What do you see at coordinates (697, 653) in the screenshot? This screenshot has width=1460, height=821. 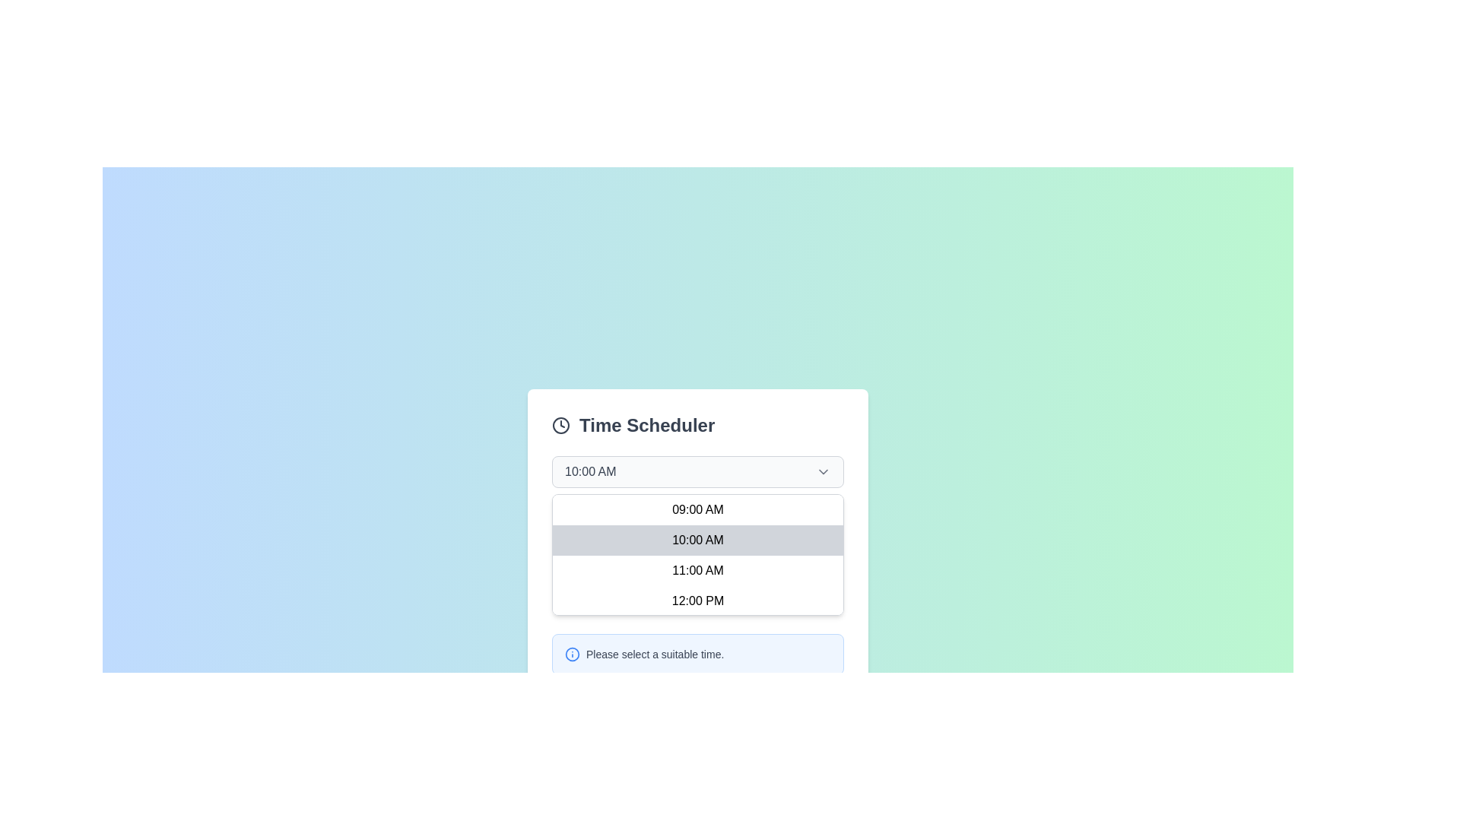 I see `the Informative text box with an icon that provides guidance for selecting time options in the 'Time Scheduler' interface` at bounding box center [697, 653].